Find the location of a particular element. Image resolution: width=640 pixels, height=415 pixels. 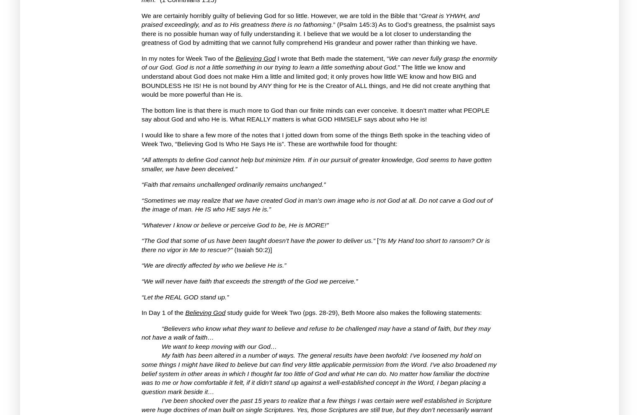

'“Let the REAL GOD stand up.”' is located at coordinates (185, 296).